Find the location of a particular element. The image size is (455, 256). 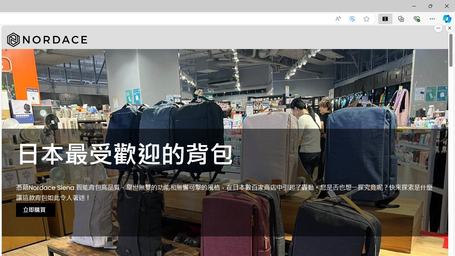

'Nordace' is located at coordinates (47, 39).